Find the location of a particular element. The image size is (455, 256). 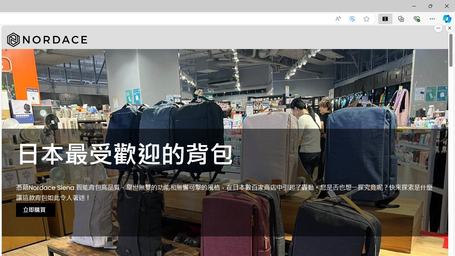

'Nordace' is located at coordinates (47, 39).